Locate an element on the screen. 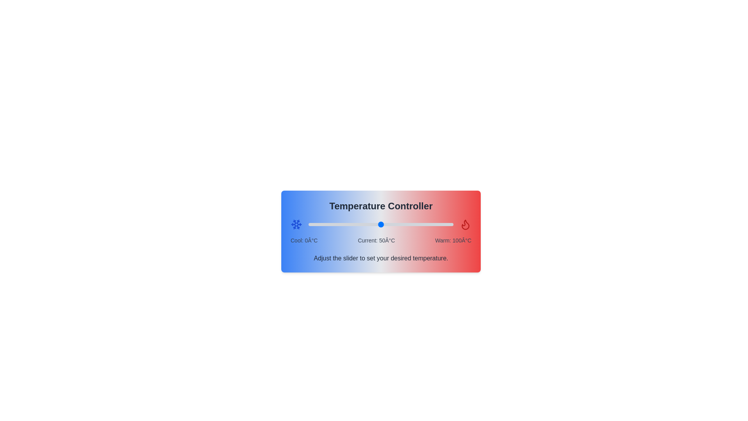  the temperature to 60°C by adjusting the slider is located at coordinates (395, 224).